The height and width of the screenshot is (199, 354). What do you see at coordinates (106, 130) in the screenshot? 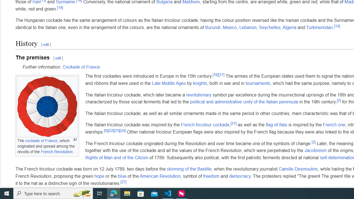
I see `'[6]'` at bounding box center [106, 130].